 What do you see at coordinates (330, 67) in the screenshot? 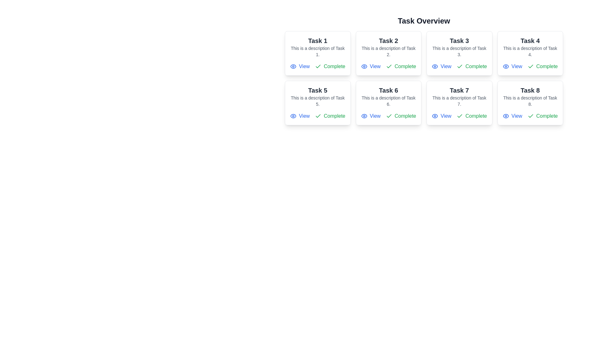
I see `the 'Complete' button with green text and a check mark icon` at bounding box center [330, 67].